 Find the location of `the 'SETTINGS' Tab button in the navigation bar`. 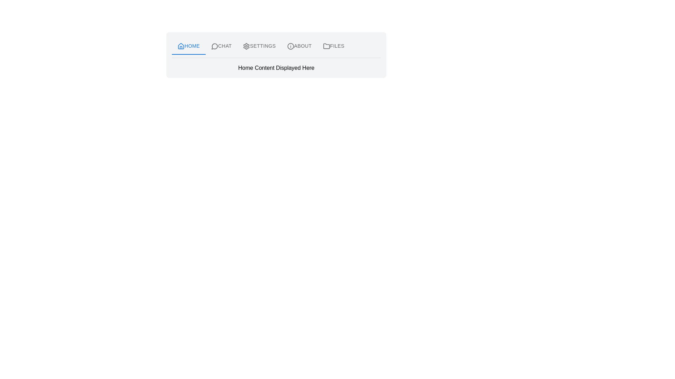

the 'SETTINGS' Tab button in the navigation bar is located at coordinates (259, 46).